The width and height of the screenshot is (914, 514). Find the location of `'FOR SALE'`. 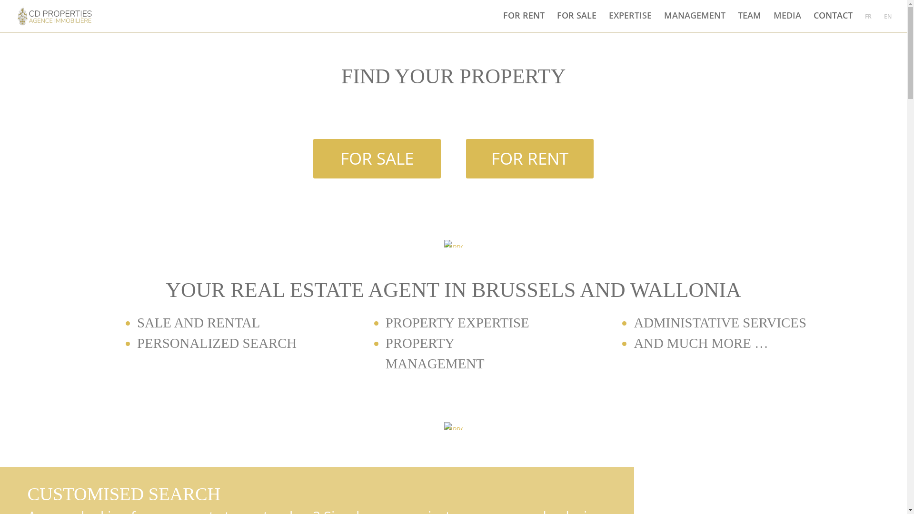

'FOR SALE' is located at coordinates (377, 158).